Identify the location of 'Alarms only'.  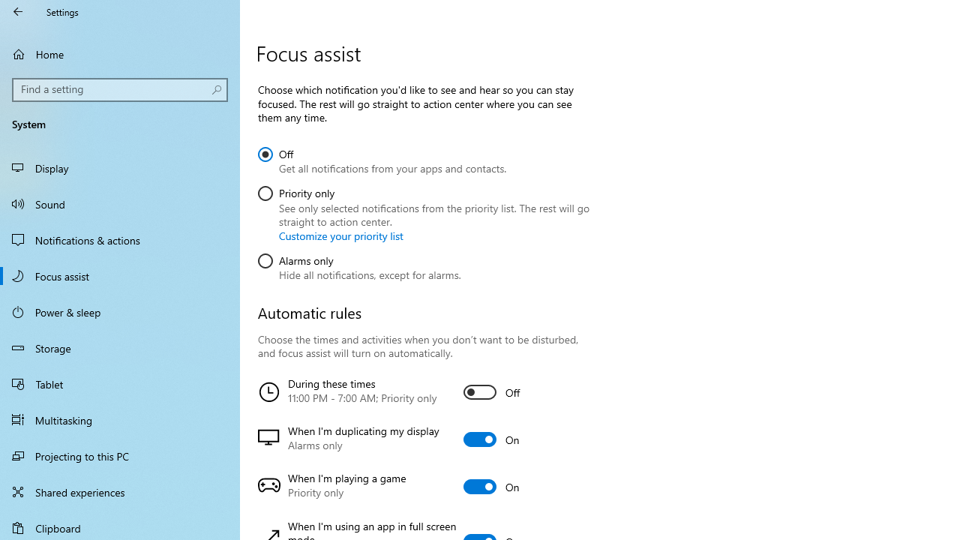
(358, 264).